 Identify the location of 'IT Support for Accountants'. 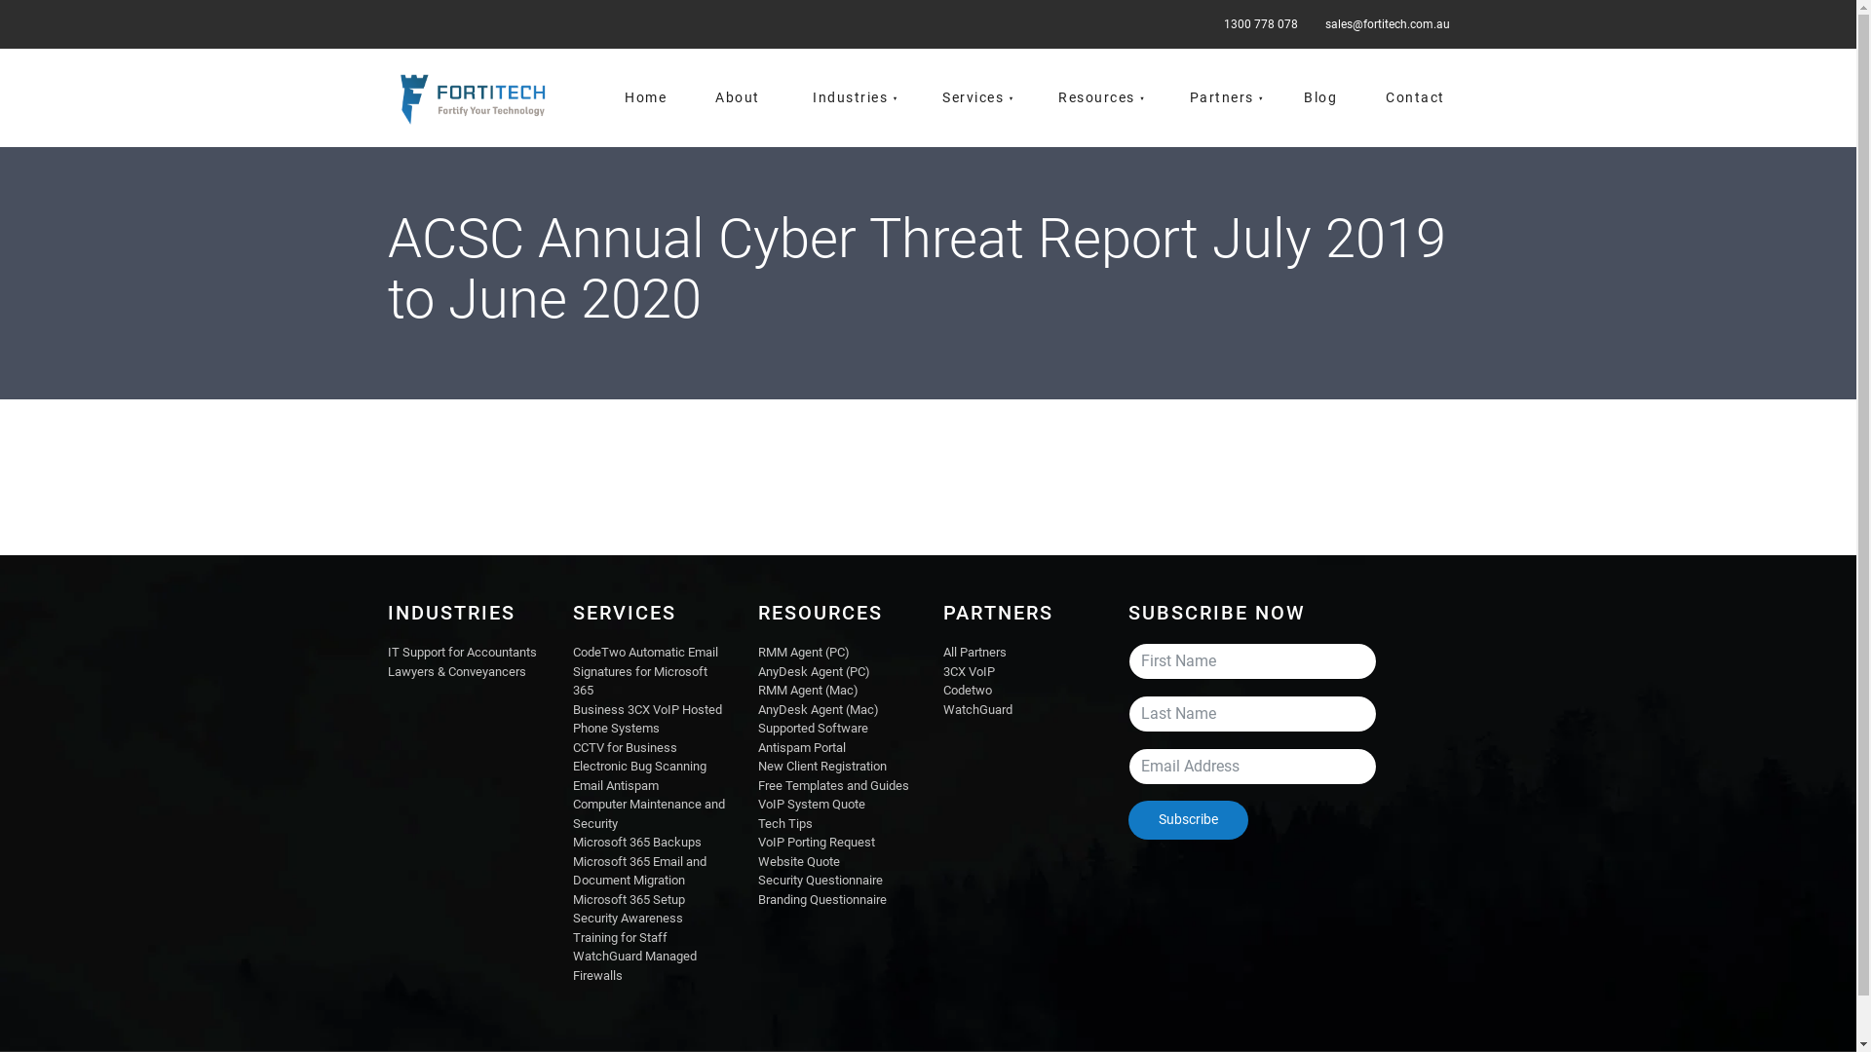
(461, 652).